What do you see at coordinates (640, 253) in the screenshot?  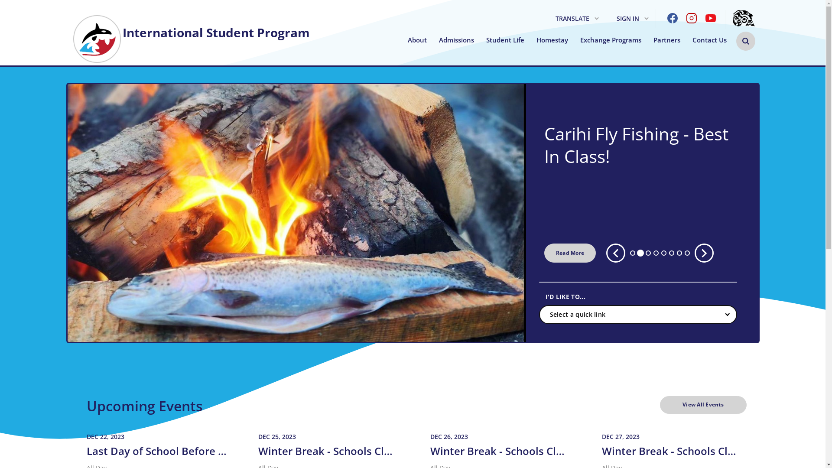 I see `'2'` at bounding box center [640, 253].